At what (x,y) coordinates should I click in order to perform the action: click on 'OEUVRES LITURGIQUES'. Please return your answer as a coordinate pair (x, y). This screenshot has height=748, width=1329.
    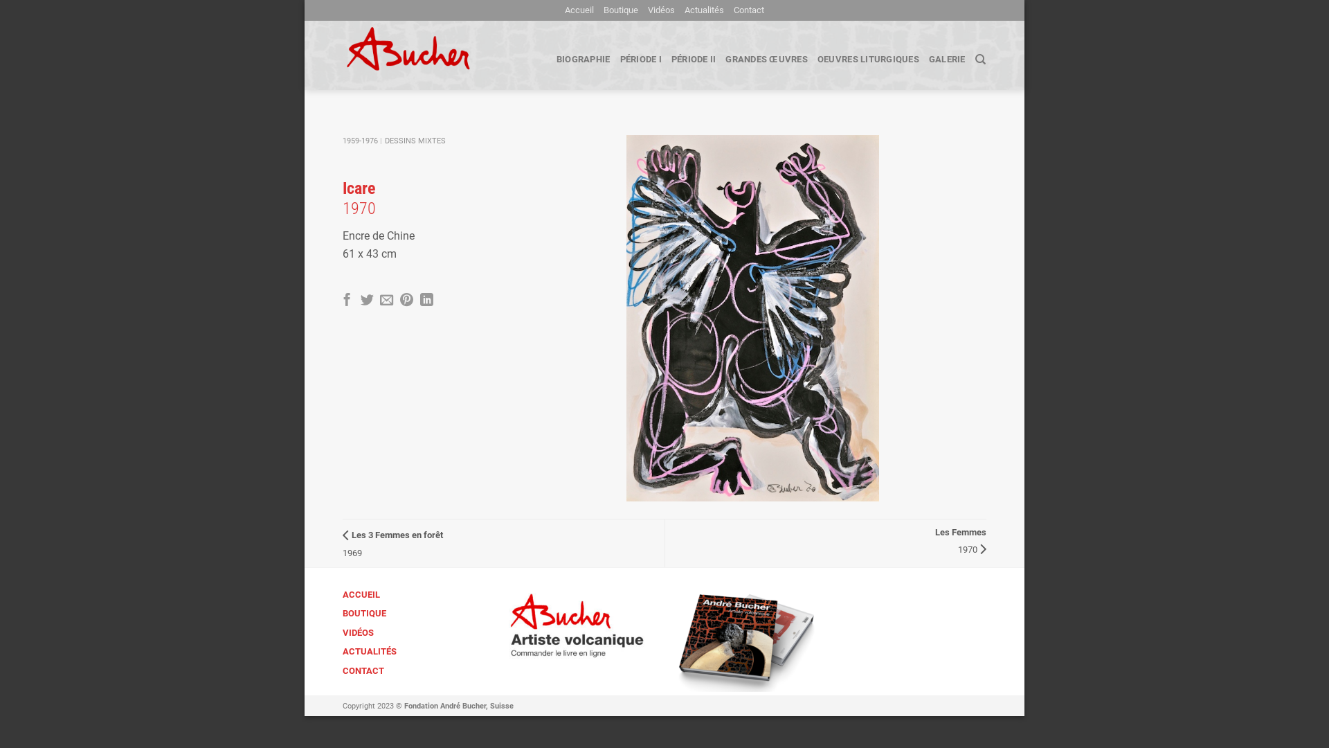
    Looking at the image, I should click on (867, 58).